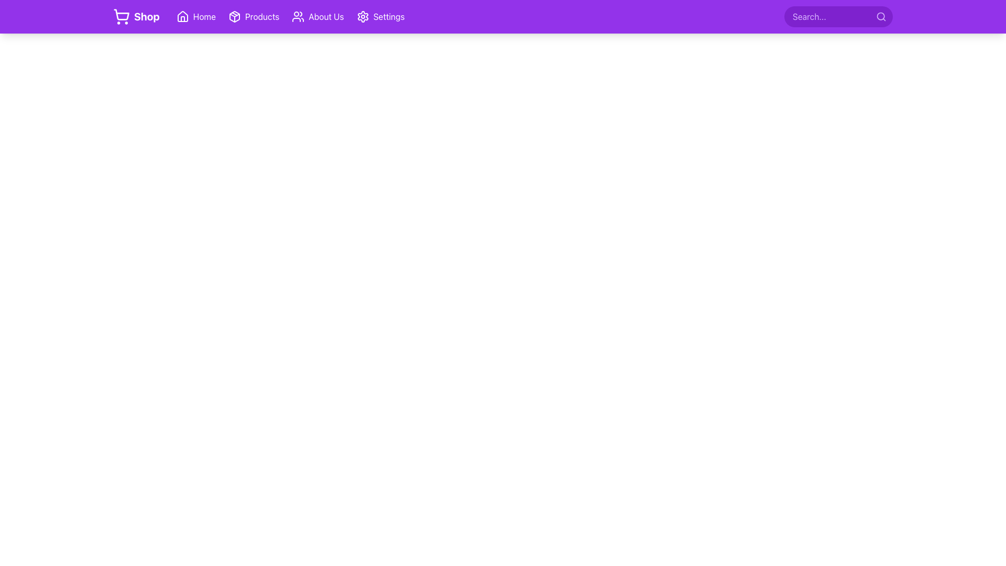 Image resolution: width=1006 pixels, height=566 pixels. What do you see at coordinates (254, 16) in the screenshot?
I see `the 'Products' navigation link located in the top horizontal navigation bar, which is positioned third from the left` at bounding box center [254, 16].